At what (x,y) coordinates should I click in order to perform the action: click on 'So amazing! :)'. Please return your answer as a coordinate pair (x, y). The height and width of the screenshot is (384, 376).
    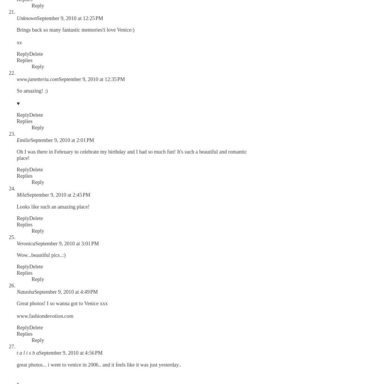
    Looking at the image, I should click on (32, 90).